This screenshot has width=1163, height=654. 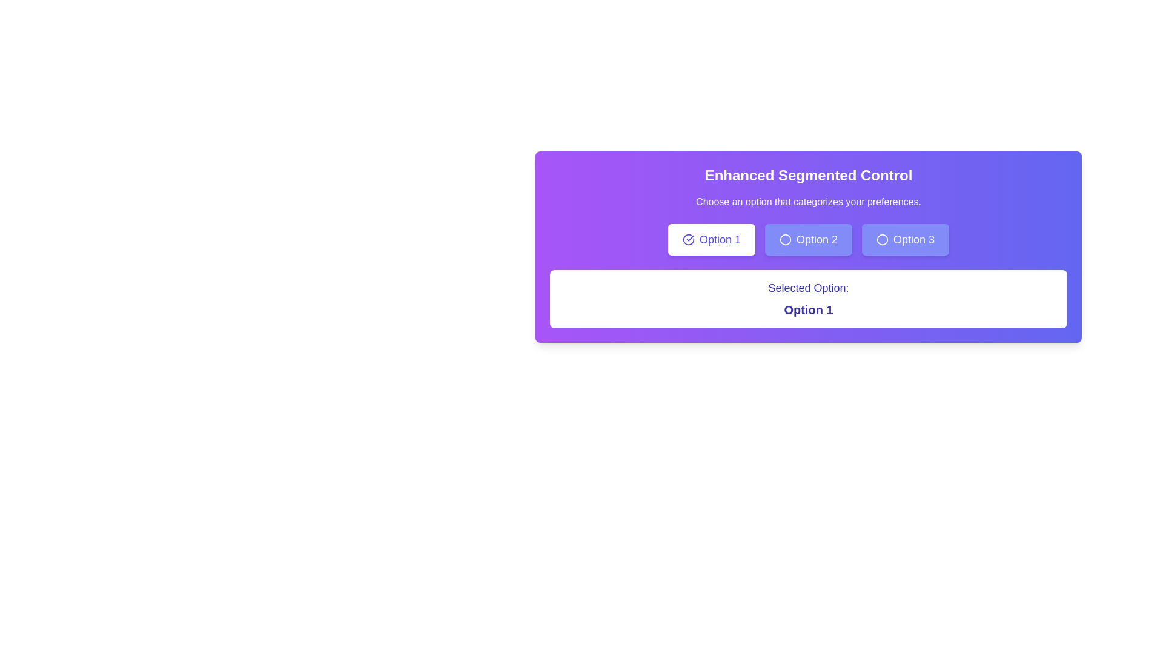 I want to click on the circular icon inside the blue button labeled 'Option 3', so click(x=883, y=240).